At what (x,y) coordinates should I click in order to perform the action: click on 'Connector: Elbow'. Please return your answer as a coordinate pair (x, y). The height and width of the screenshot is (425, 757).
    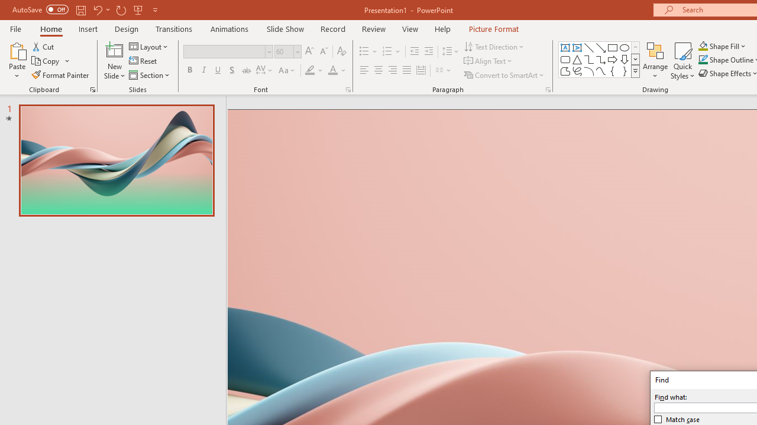
    Looking at the image, I should click on (588, 59).